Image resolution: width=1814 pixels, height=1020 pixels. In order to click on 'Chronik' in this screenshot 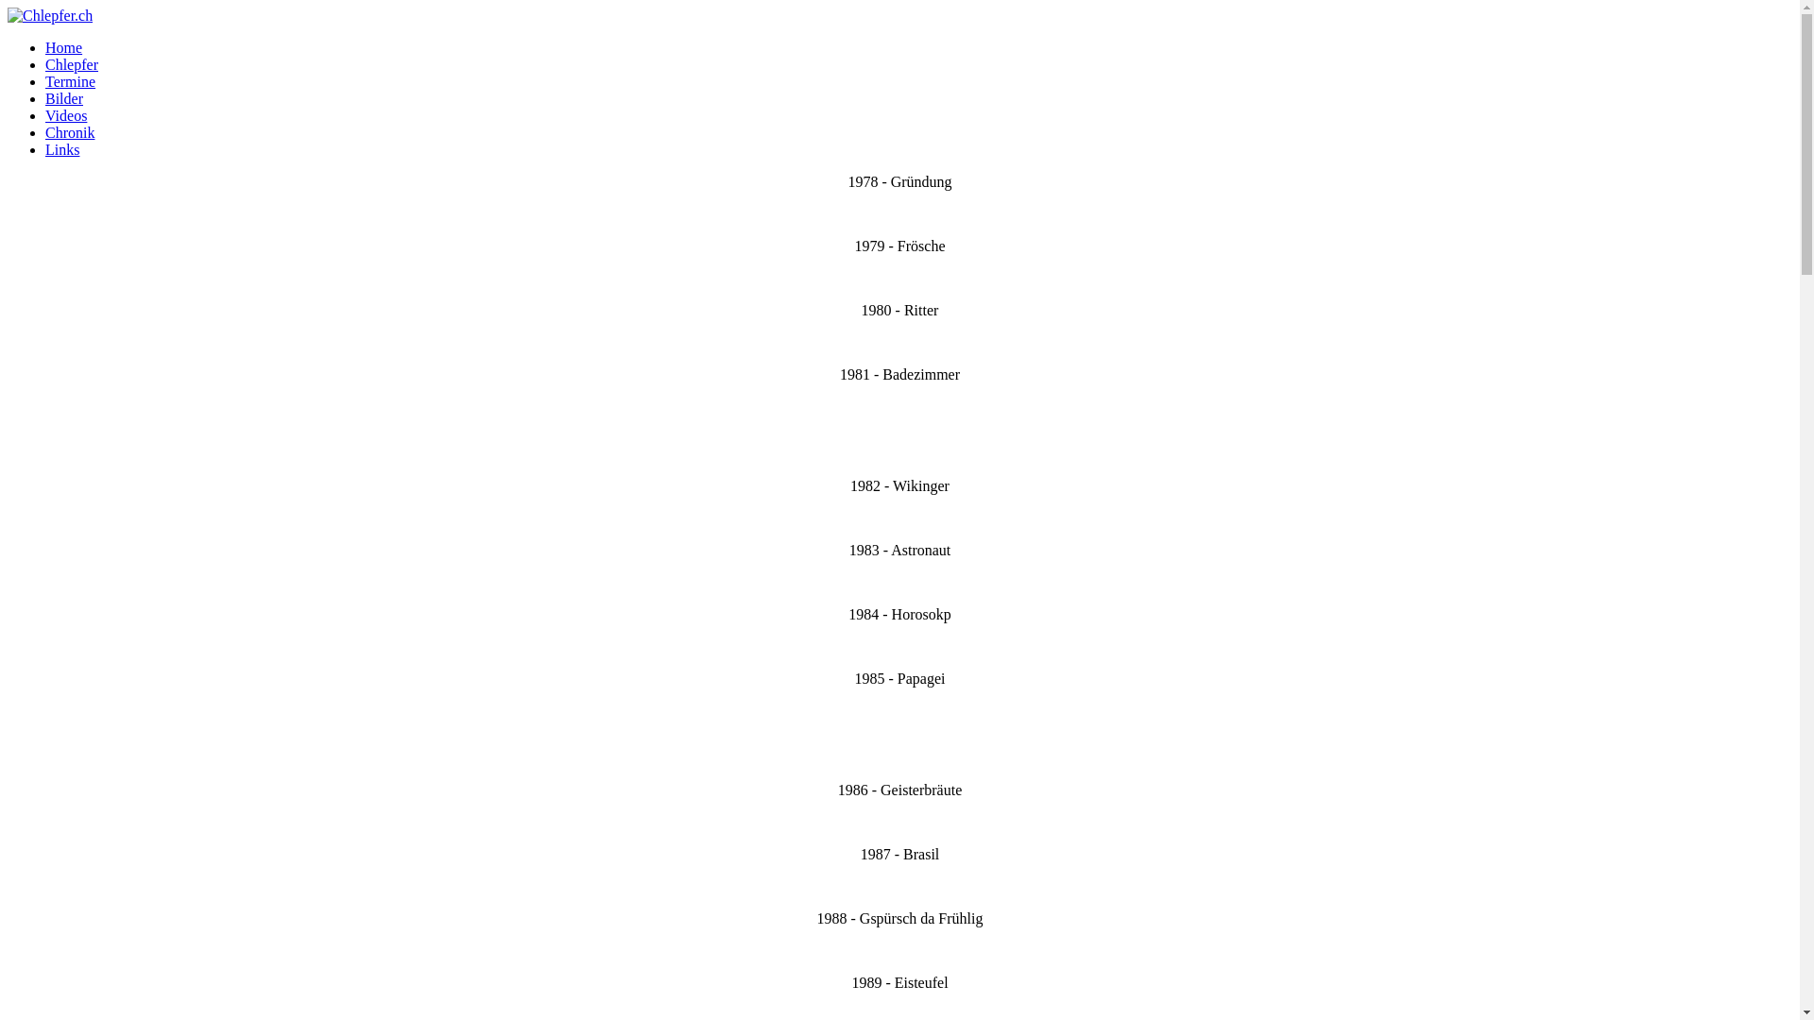, I will do `click(45, 131)`.